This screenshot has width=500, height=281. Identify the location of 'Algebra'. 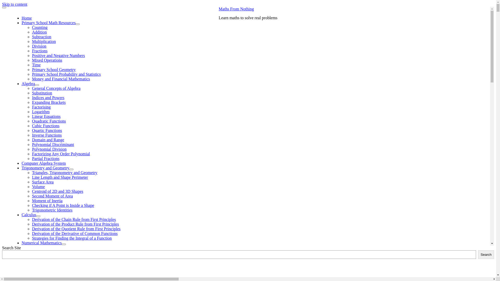
(28, 83).